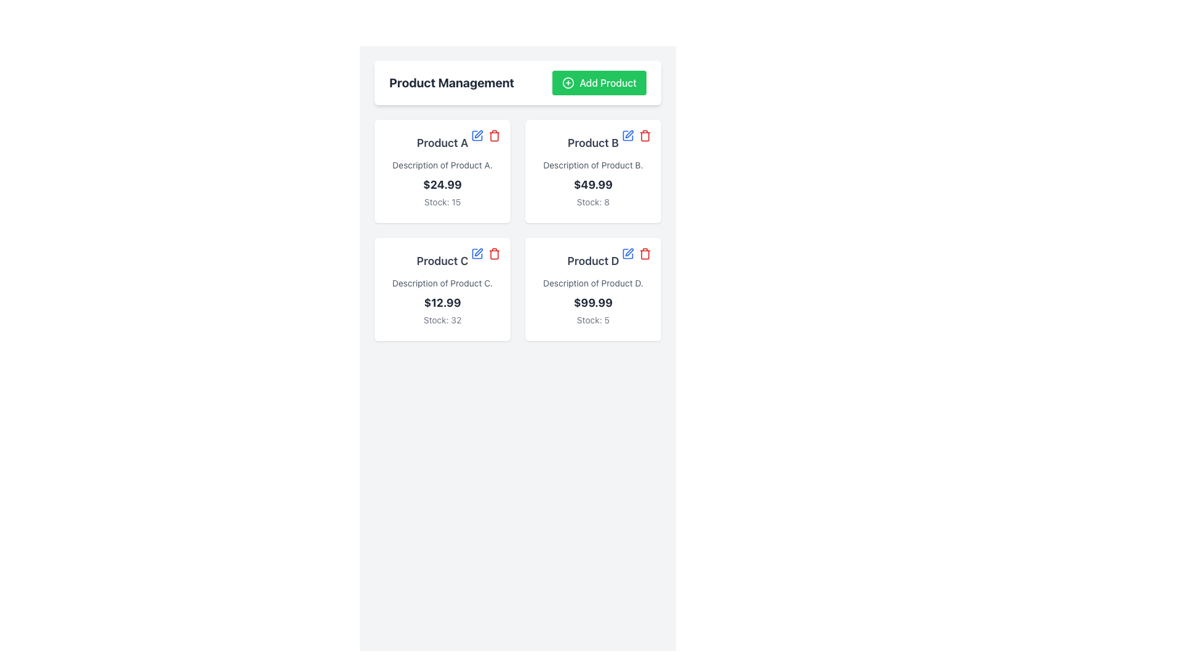 This screenshot has height=664, width=1181. Describe the element at coordinates (442, 260) in the screenshot. I see `the text element that displays 'Product C', which is styled in bold, large font and located at the top of the third product card in a 2x2 grid layout` at that location.